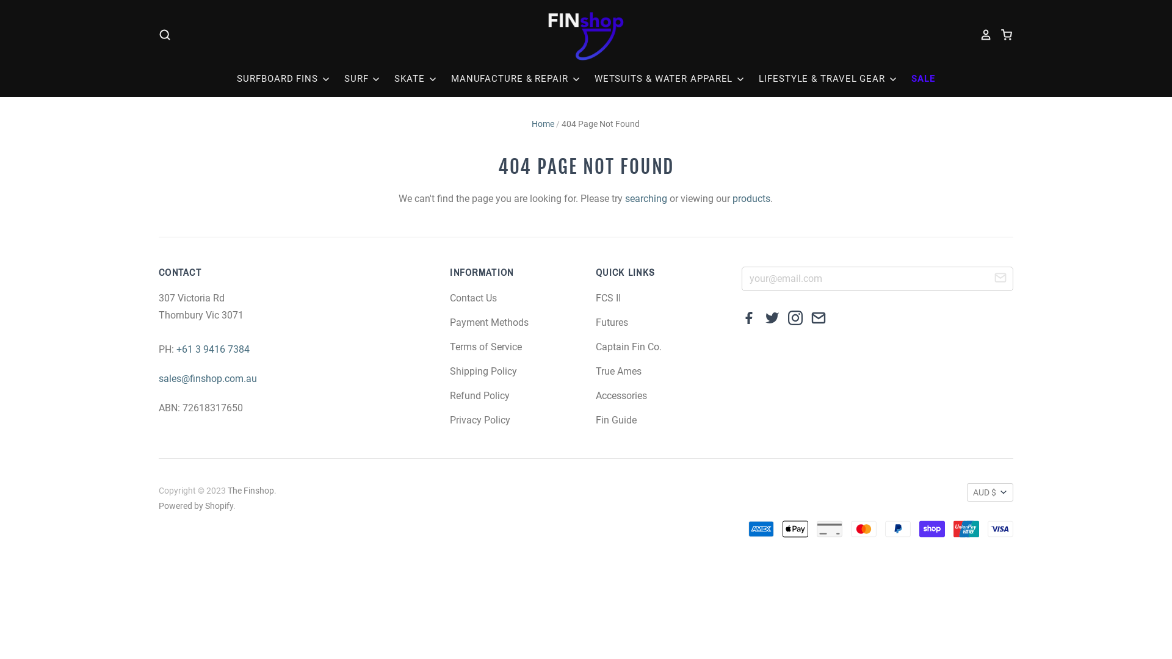  Describe the element at coordinates (542, 124) in the screenshot. I see `'Home'` at that location.